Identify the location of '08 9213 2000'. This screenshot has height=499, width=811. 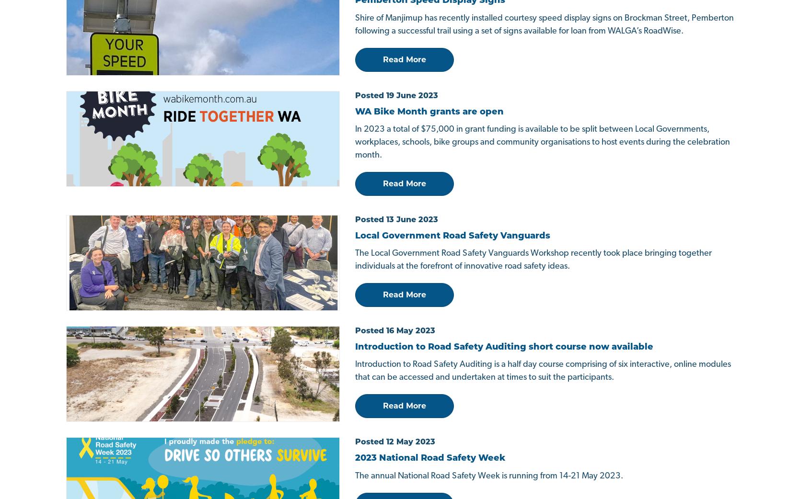
(100, 360).